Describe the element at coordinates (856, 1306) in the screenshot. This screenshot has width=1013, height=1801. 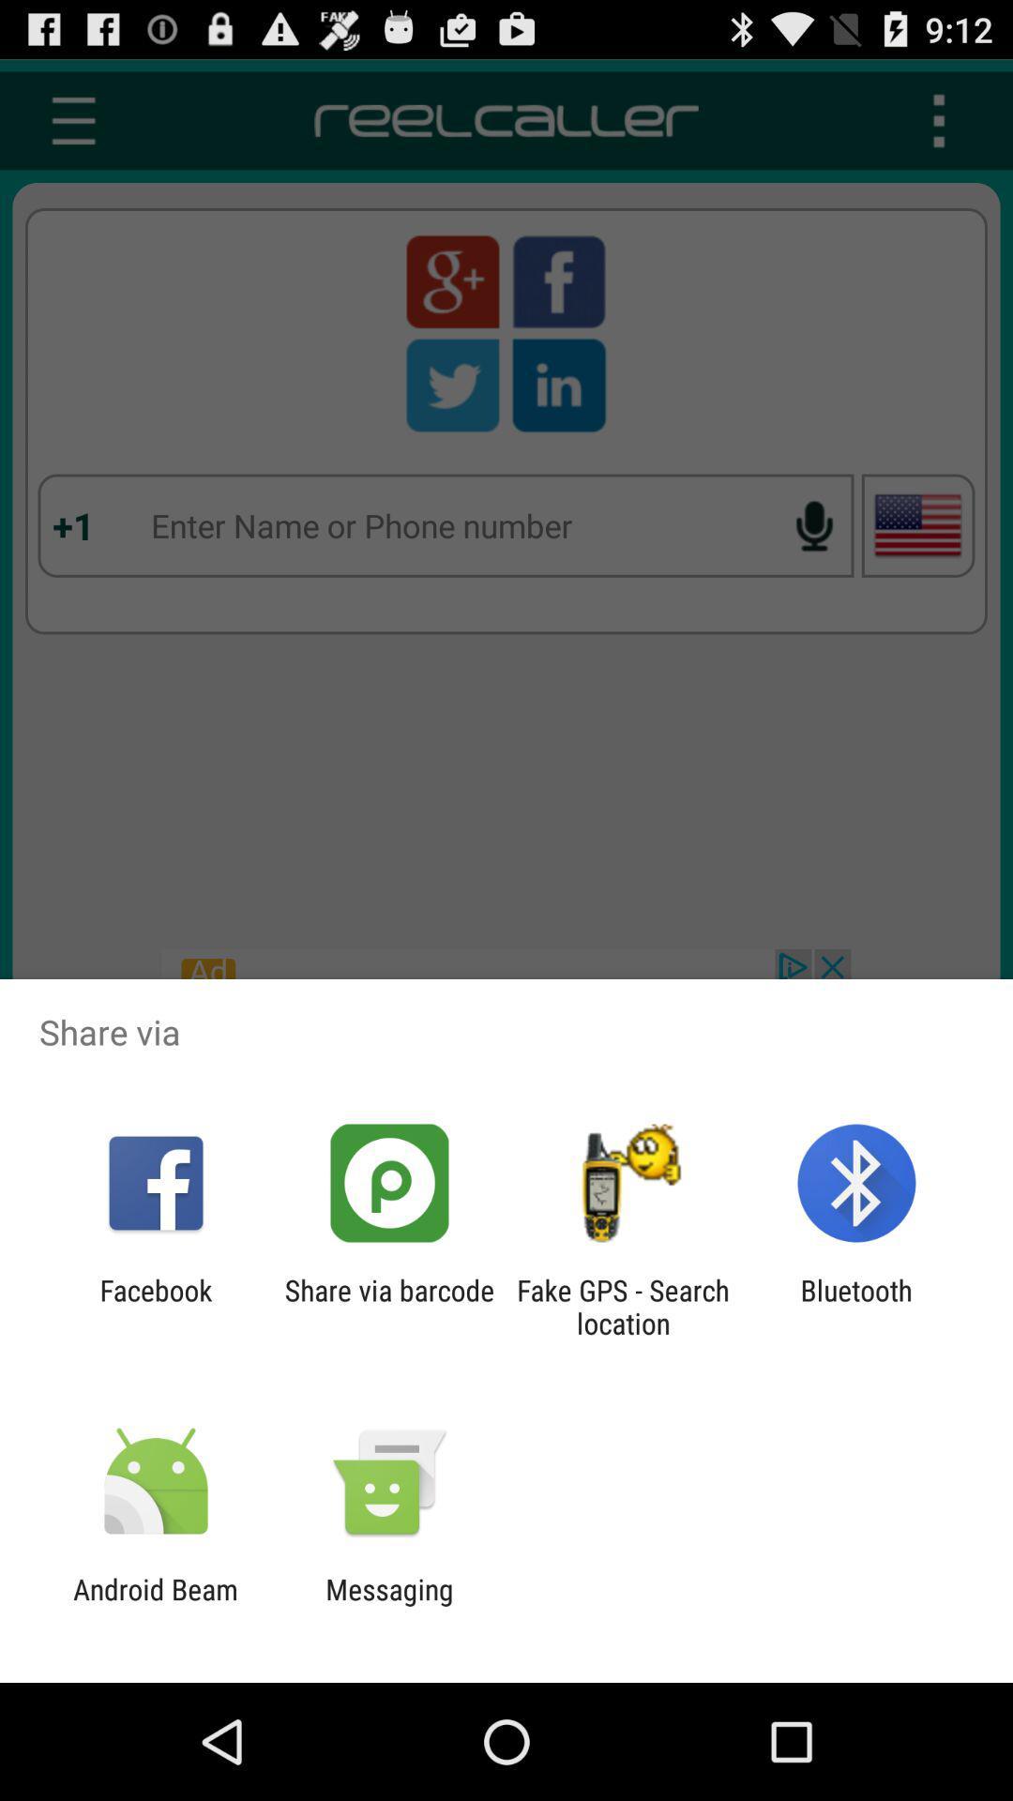
I see `bluetooth app` at that location.